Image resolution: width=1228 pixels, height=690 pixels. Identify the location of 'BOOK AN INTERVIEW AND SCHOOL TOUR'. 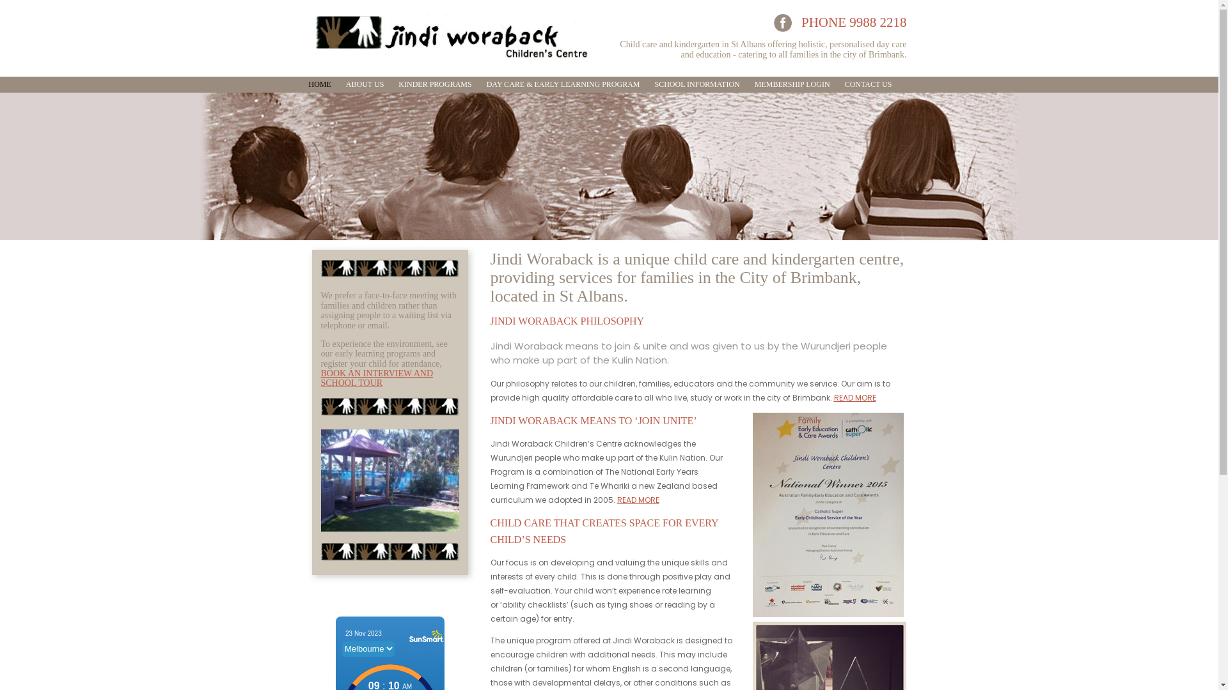
(321, 377).